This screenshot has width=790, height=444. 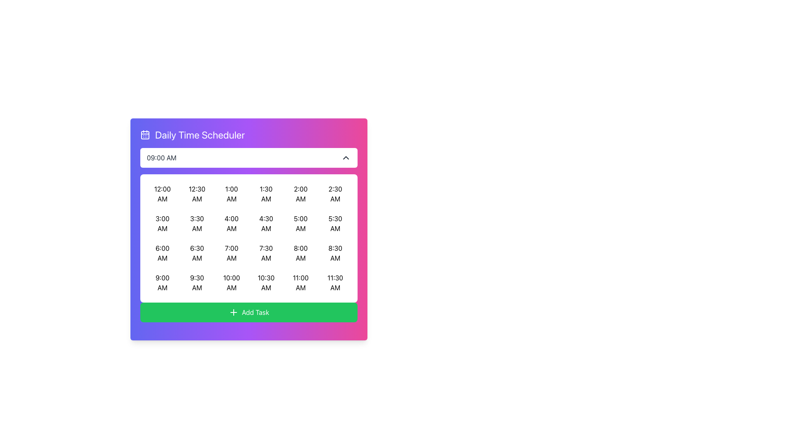 I want to click on the '4:30 AM' time slot button to indicate selection through keyboard interaction, so click(x=266, y=223).